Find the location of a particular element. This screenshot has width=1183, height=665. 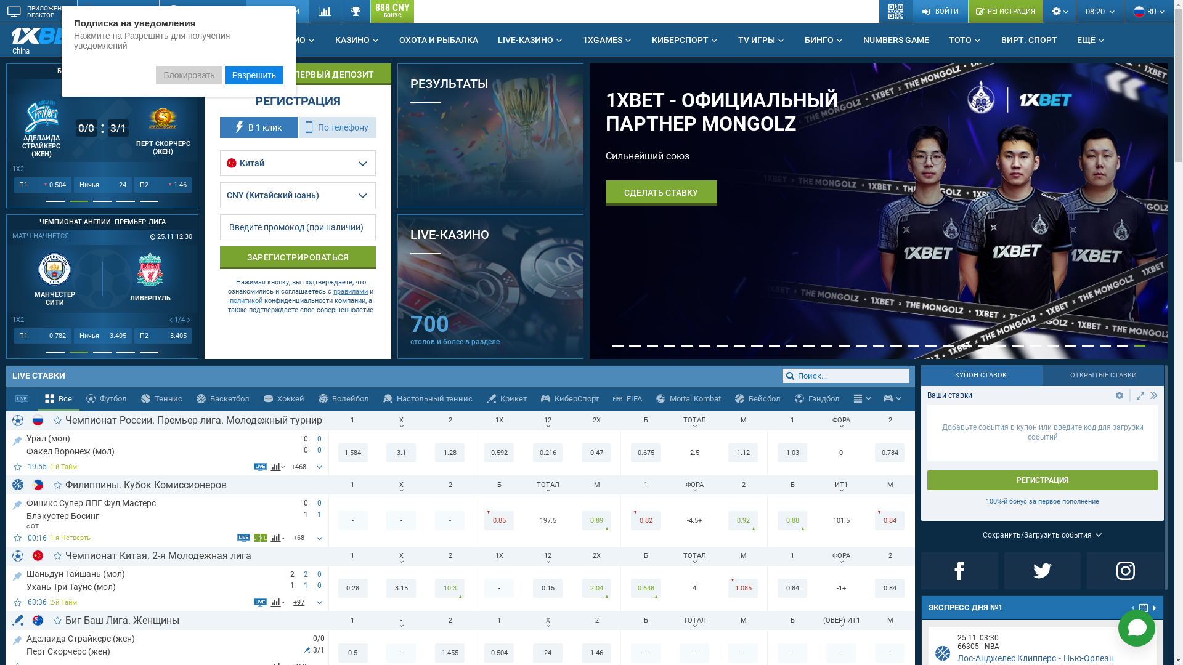

'FIFA' is located at coordinates (627, 399).